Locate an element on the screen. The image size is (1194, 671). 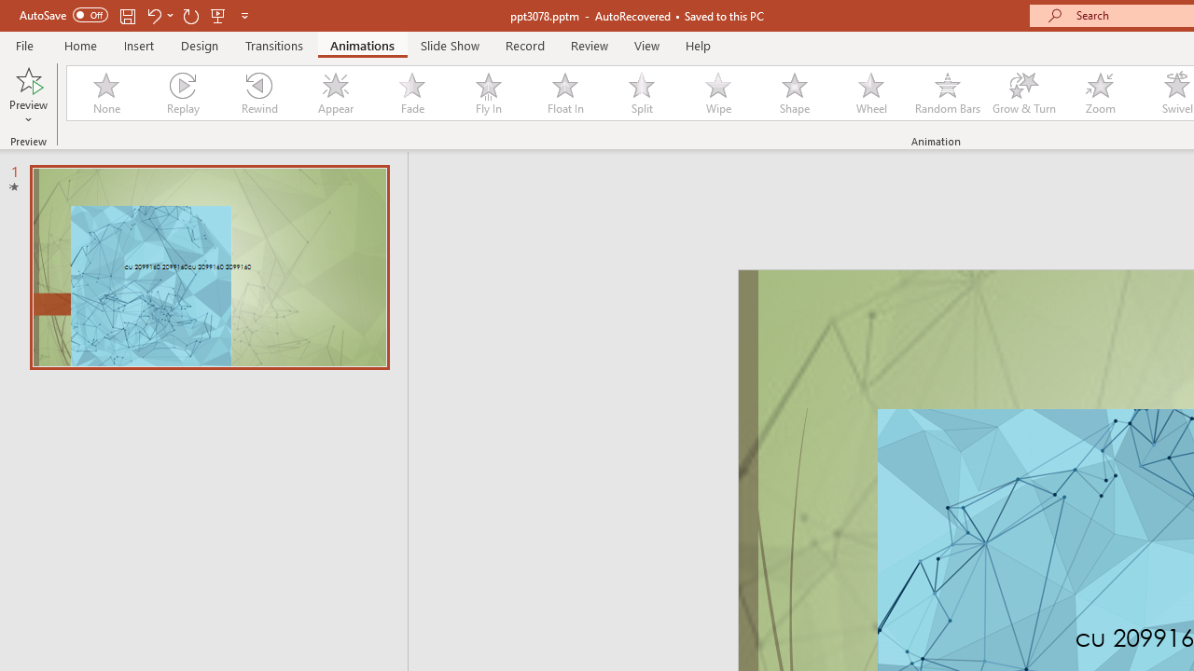
'Float In' is located at coordinates (563, 93).